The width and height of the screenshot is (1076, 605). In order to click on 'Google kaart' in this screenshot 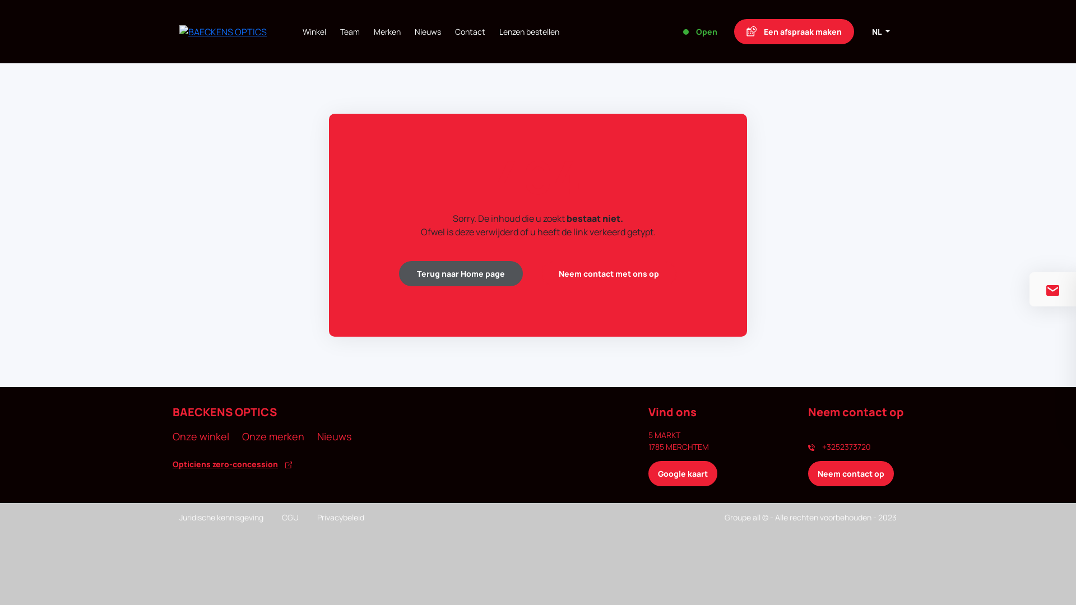, I will do `click(682, 473)`.